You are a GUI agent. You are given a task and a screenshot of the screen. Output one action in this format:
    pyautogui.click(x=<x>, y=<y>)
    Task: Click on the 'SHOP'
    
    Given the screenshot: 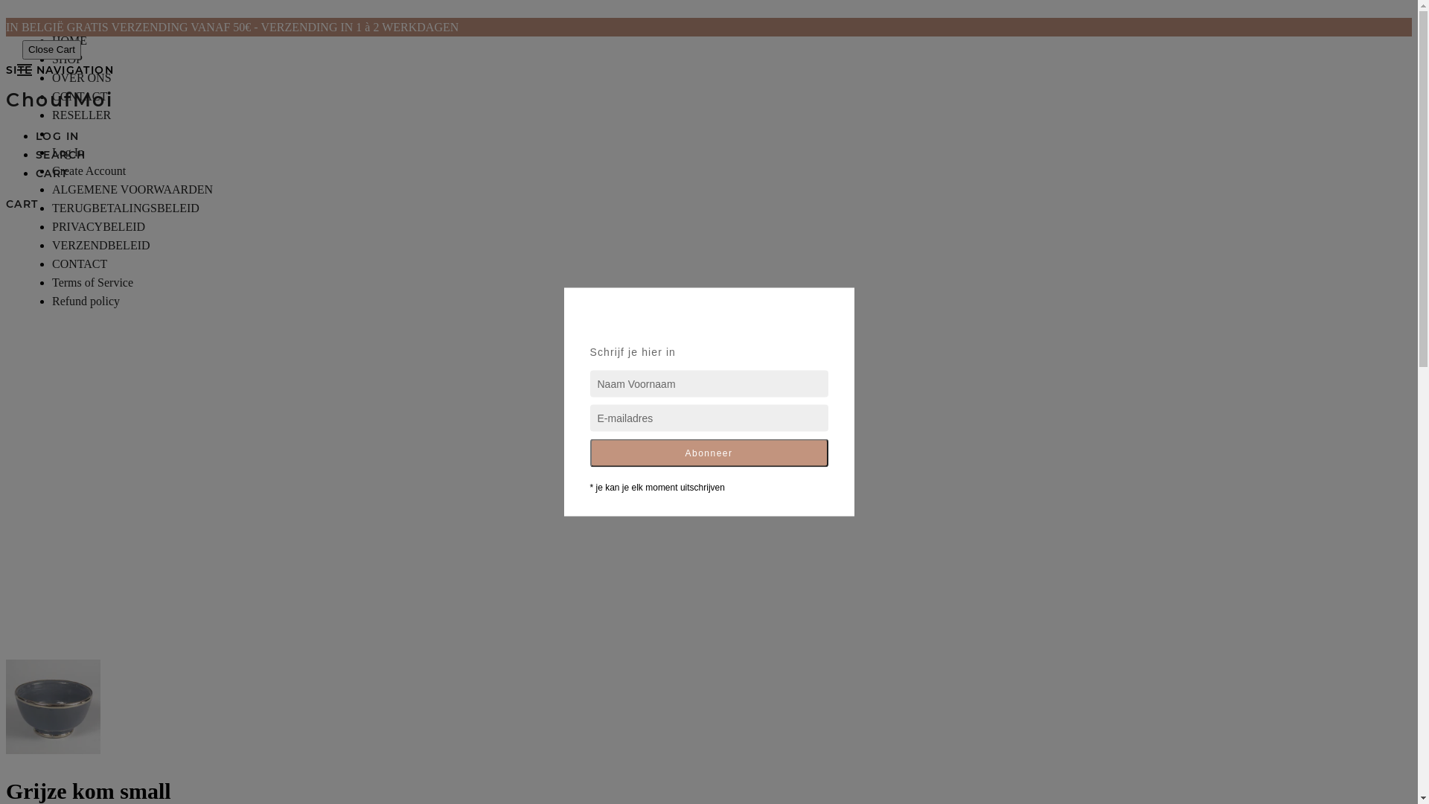 What is the action you would take?
    pyautogui.click(x=52, y=58)
    